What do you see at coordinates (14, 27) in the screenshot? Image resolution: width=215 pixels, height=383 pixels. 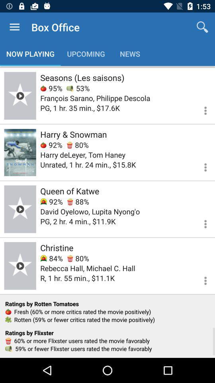 I see `icon next to the box office` at bounding box center [14, 27].